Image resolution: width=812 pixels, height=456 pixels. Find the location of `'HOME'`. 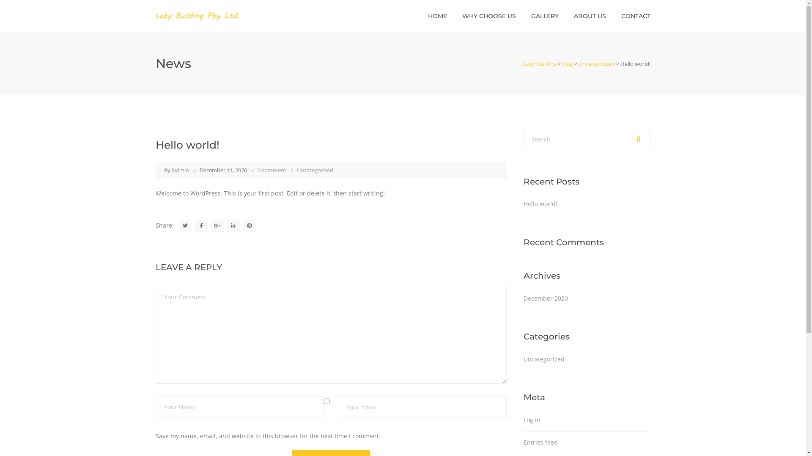

'HOME' is located at coordinates (437, 16).